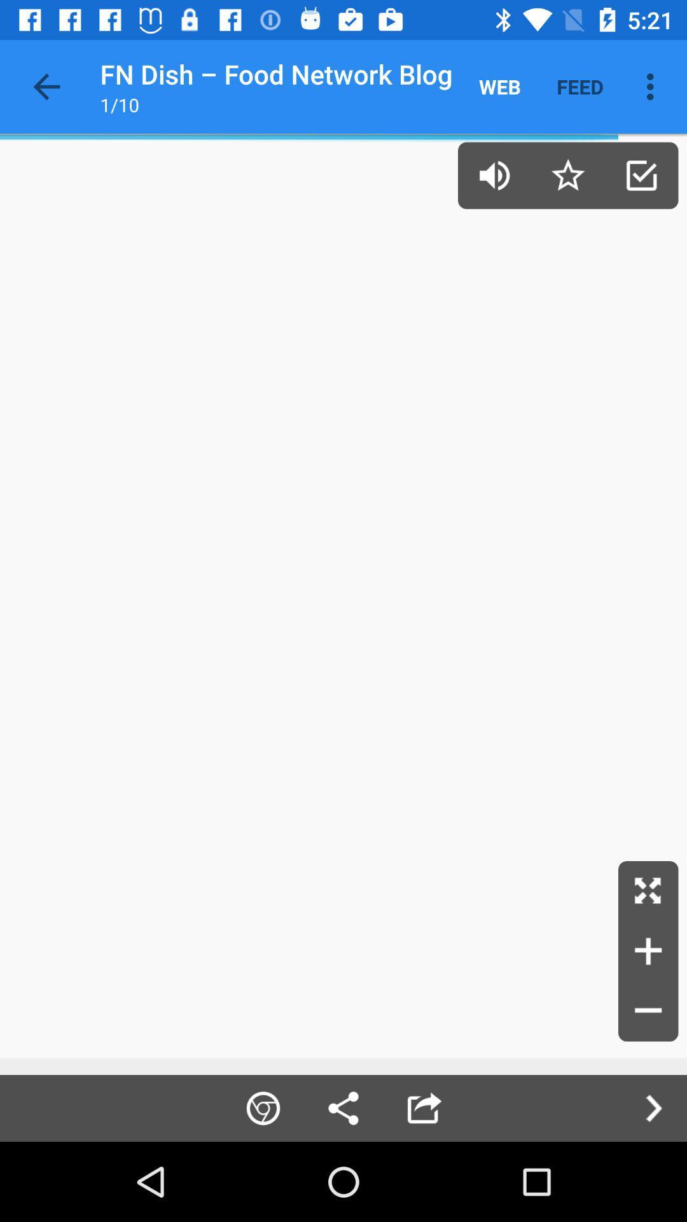  I want to click on app next to fn dish food item, so click(46, 86).